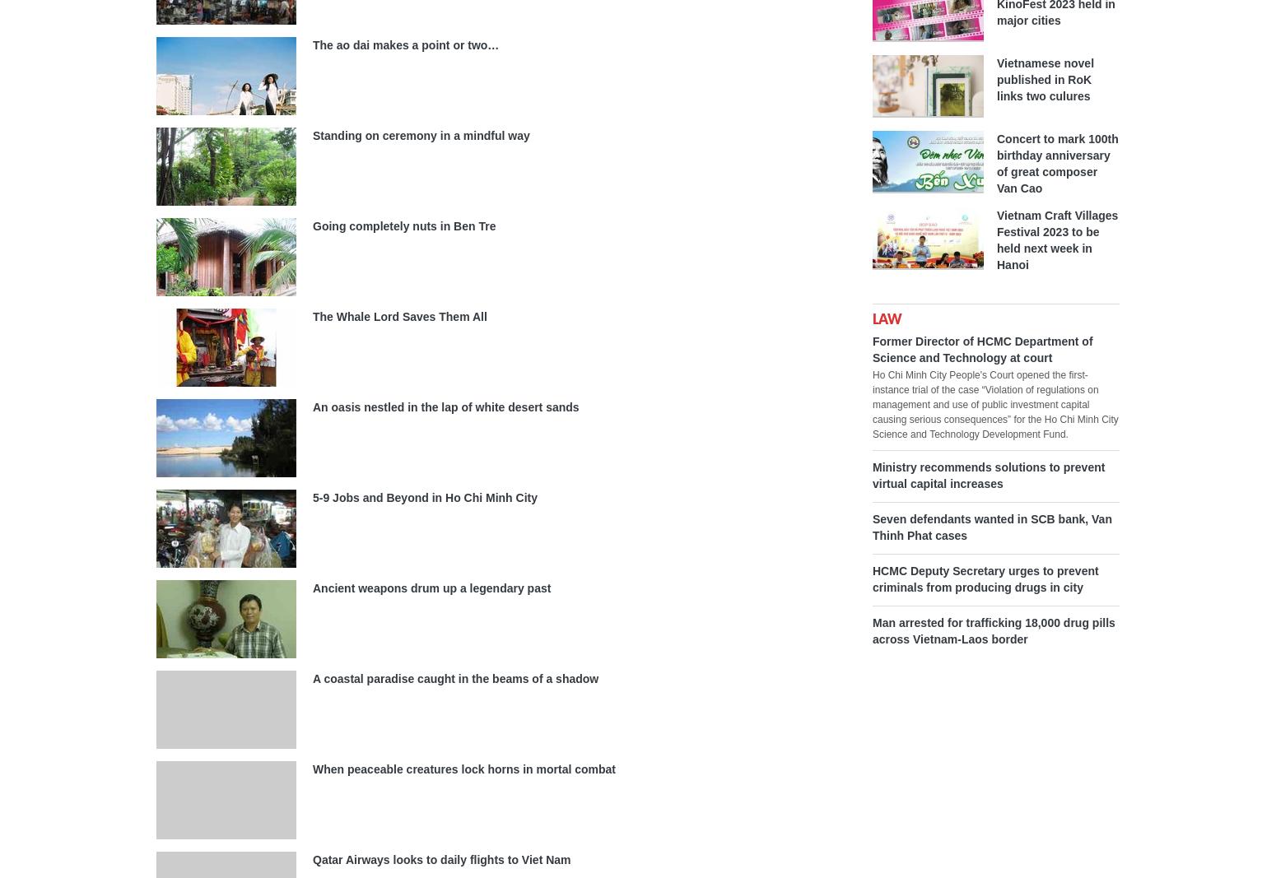  What do you see at coordinates (1045, 78) in the screenshot?
I see `'Vietnamese novel published in RoK links two culures'` at bounding box center [1045, 78].